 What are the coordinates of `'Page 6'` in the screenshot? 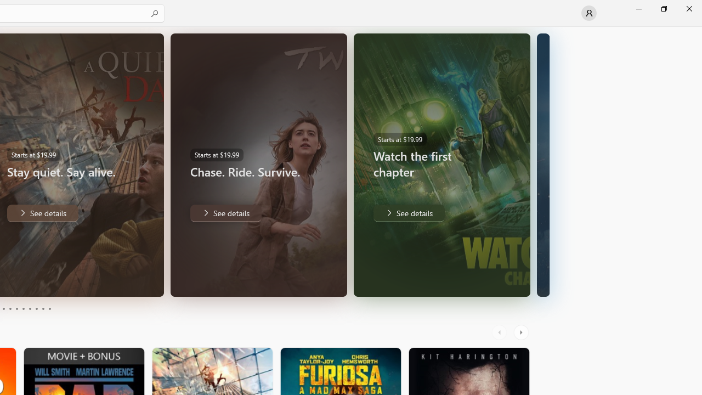 It's located at (23, 309).